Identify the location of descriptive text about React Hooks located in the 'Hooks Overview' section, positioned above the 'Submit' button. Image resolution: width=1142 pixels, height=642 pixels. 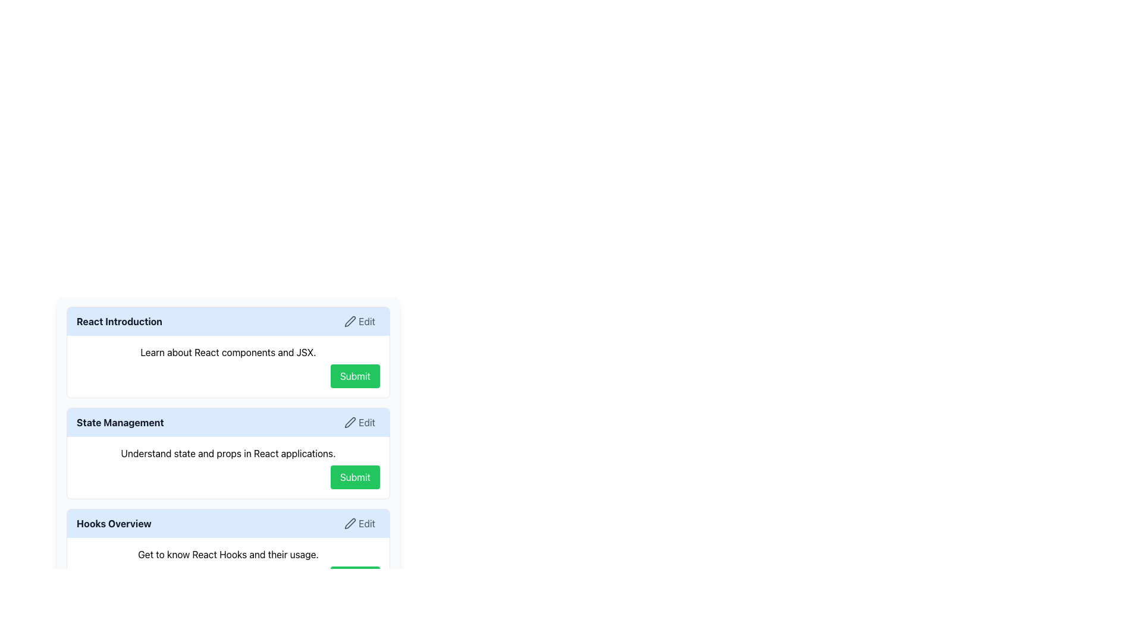
(228, 555).